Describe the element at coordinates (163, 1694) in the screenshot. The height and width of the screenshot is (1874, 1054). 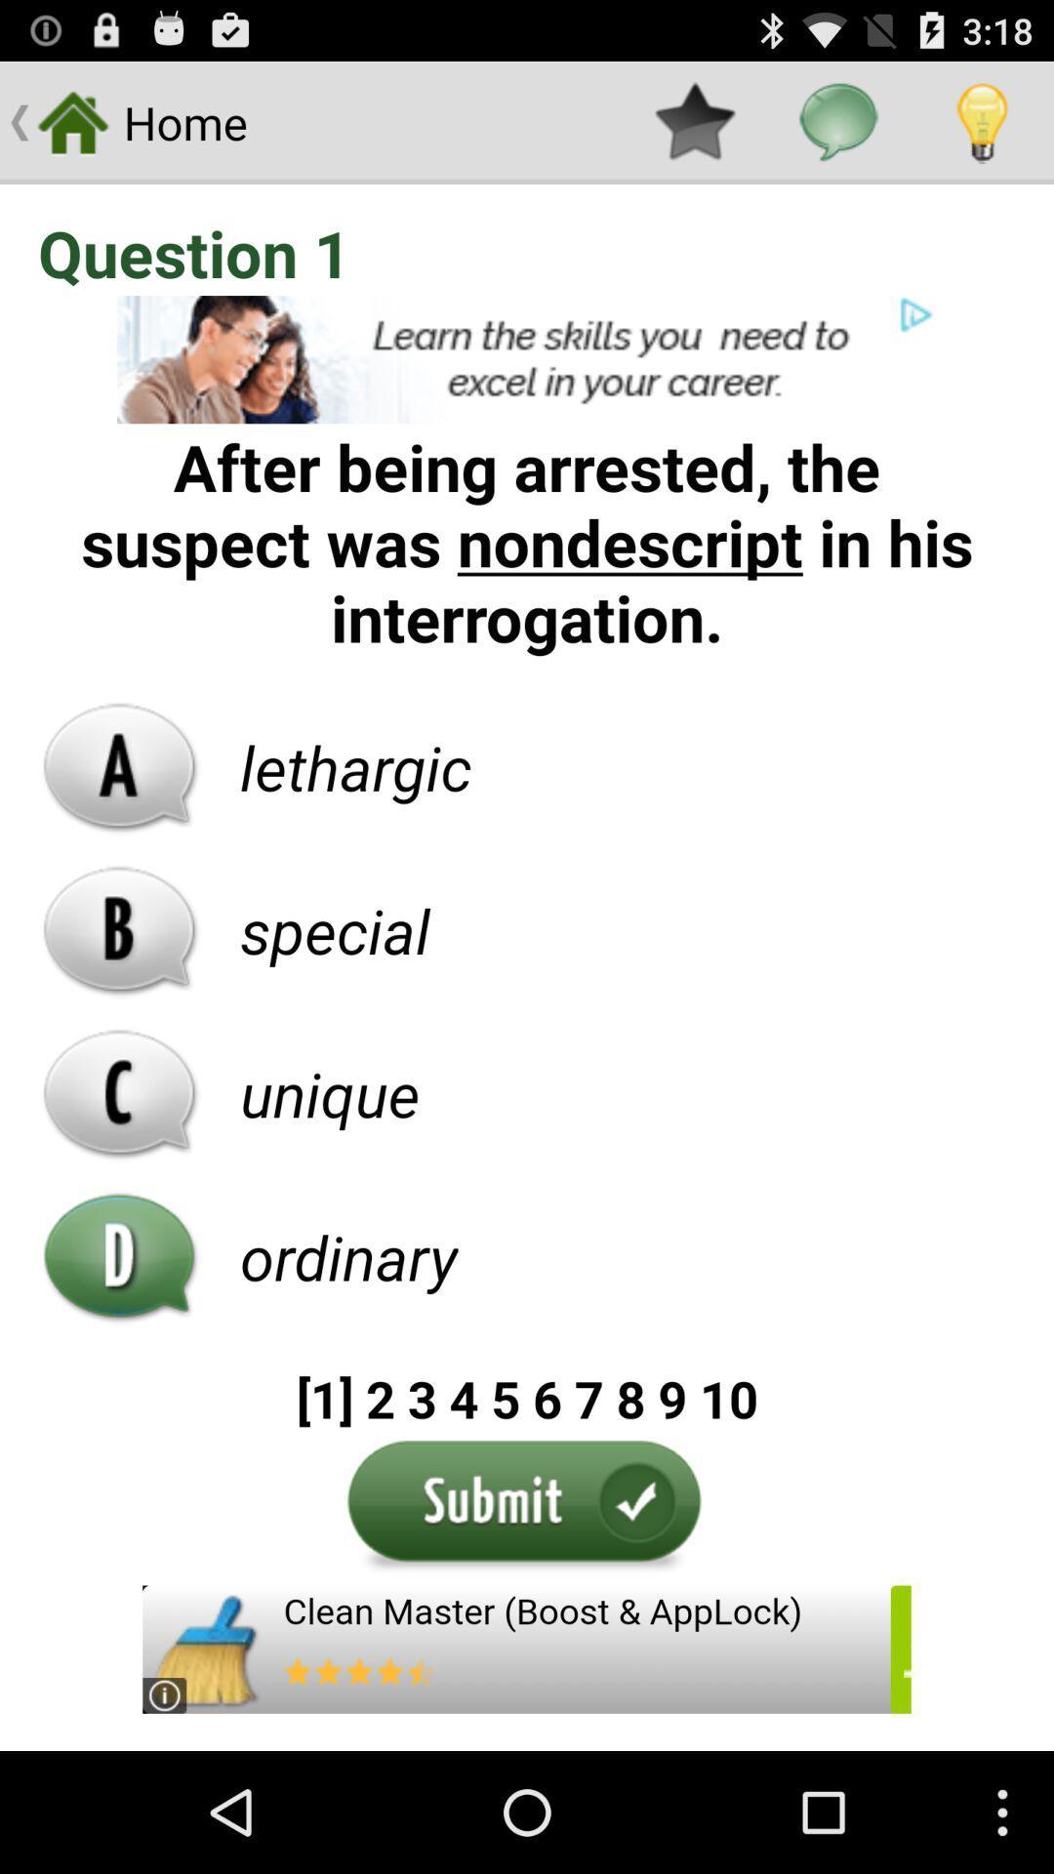
I see `the information icon which is at the bottom` at that location.